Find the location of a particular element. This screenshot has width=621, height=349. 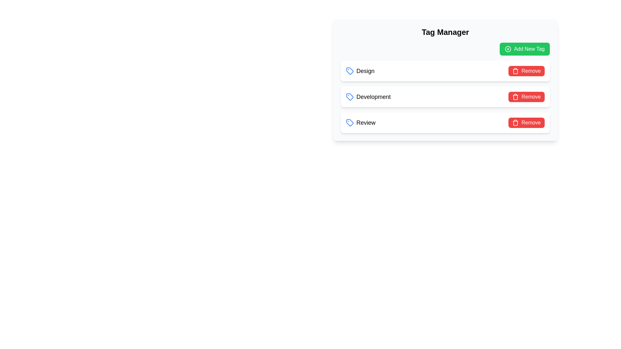

text from the prominent header titled 'Tag Manager', which is styled in bold and large font, located at the top of a gray rectangular card with rounded corners is located at coordinates (445, 32).